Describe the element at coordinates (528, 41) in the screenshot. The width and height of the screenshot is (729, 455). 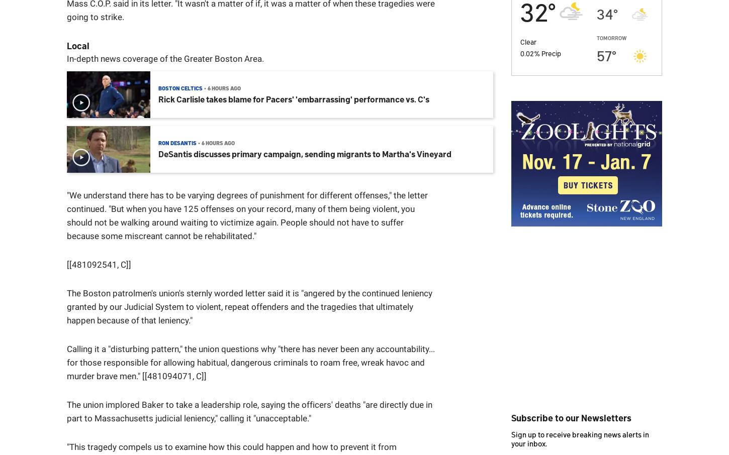
I see `'Clear'` at that location.